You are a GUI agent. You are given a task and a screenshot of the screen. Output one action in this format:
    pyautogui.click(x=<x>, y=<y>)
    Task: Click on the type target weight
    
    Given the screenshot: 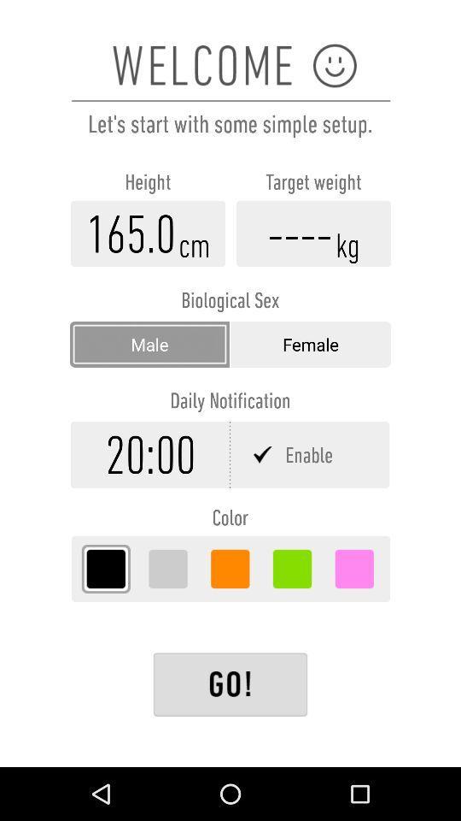 What is the action you would take?
    pyautogui.click(x=312, y=233)
    